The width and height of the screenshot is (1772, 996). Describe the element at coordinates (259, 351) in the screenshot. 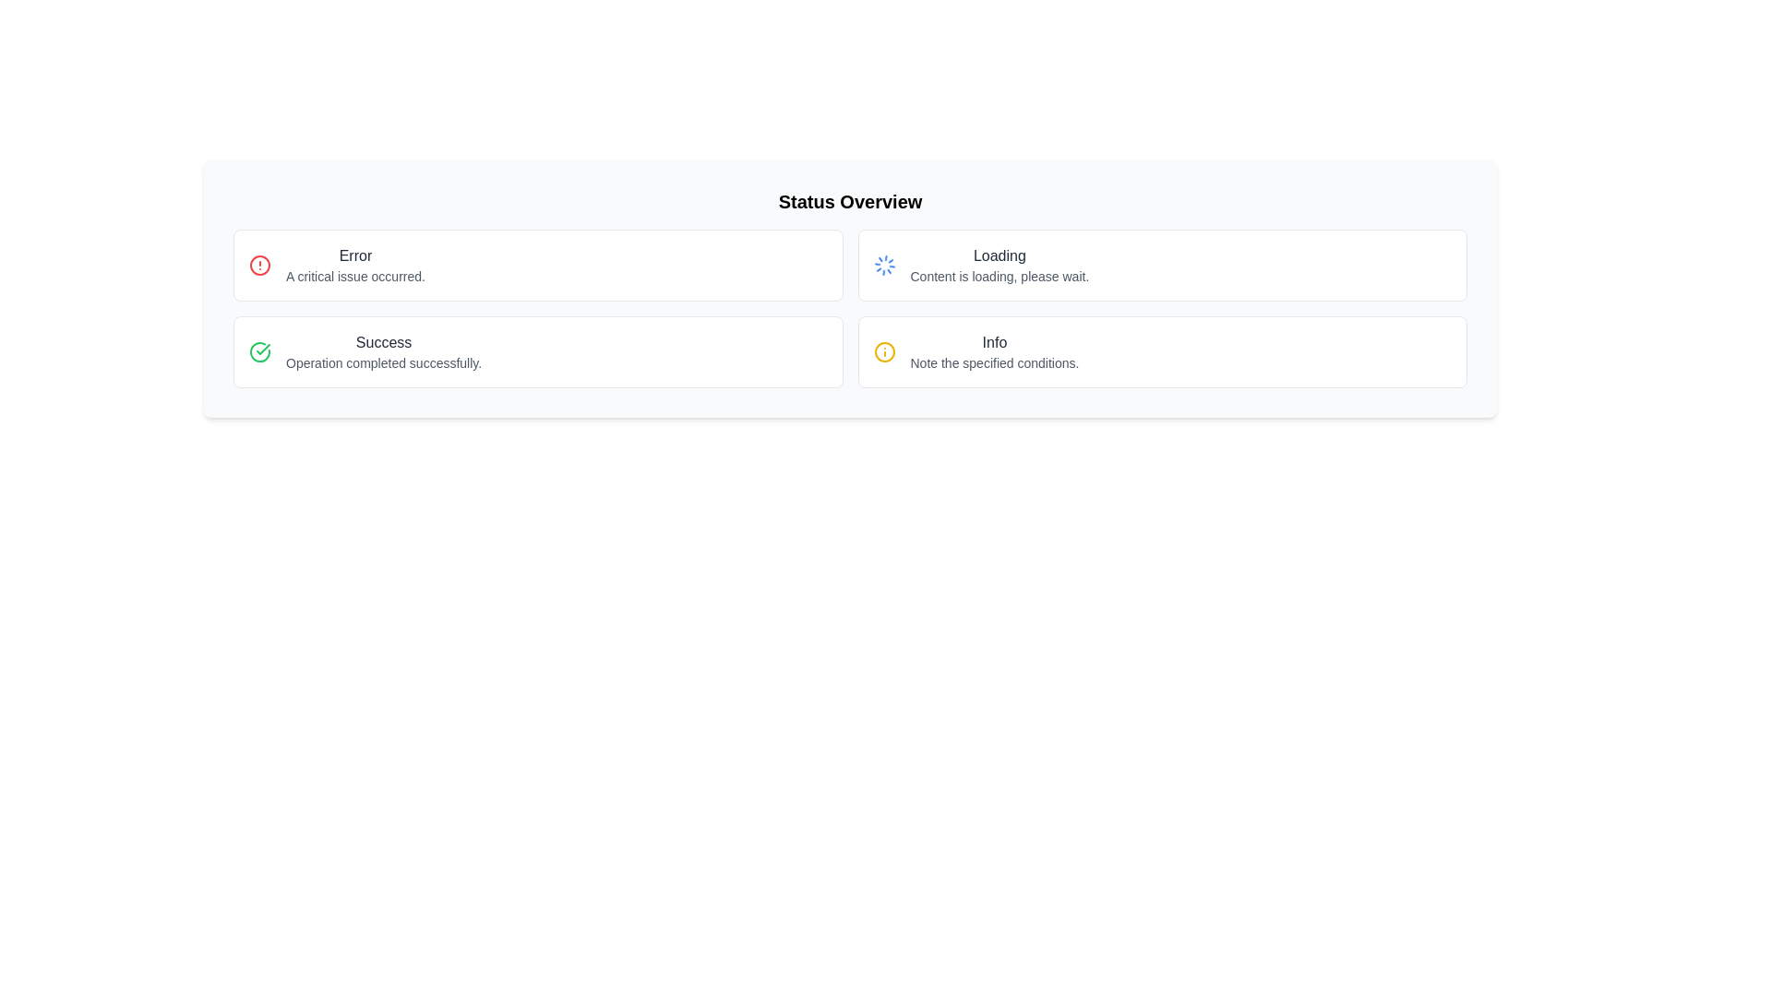

I see `the green circular check mark icon located at the top-left area of the 'Success' card, preceding the text 'Success' and 'Operation completed successfully.'` at that location.